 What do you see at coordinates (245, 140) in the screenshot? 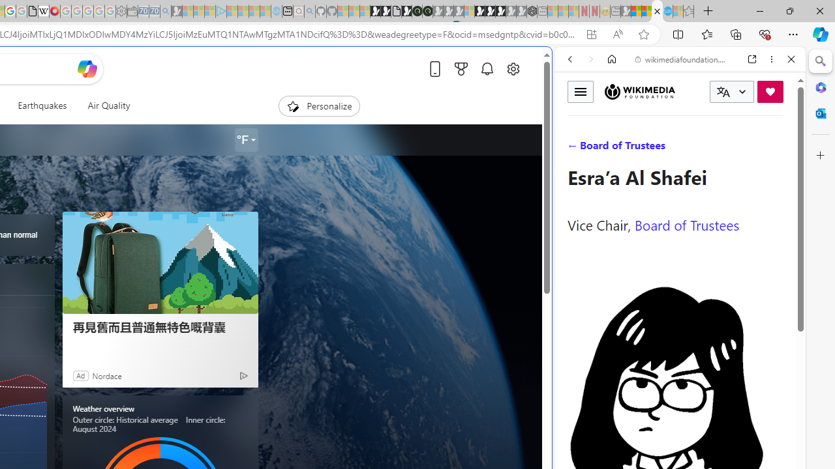
I see `'Weather settings'` at bounding box center [245, 140].